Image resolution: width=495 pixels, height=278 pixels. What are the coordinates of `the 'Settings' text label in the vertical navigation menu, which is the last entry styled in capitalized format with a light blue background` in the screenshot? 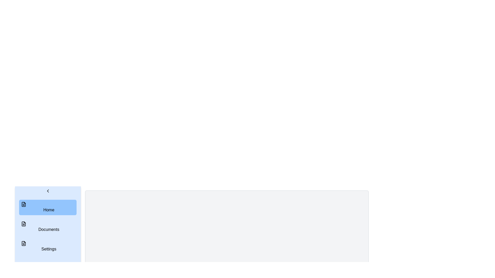 It's located at (49, 249).